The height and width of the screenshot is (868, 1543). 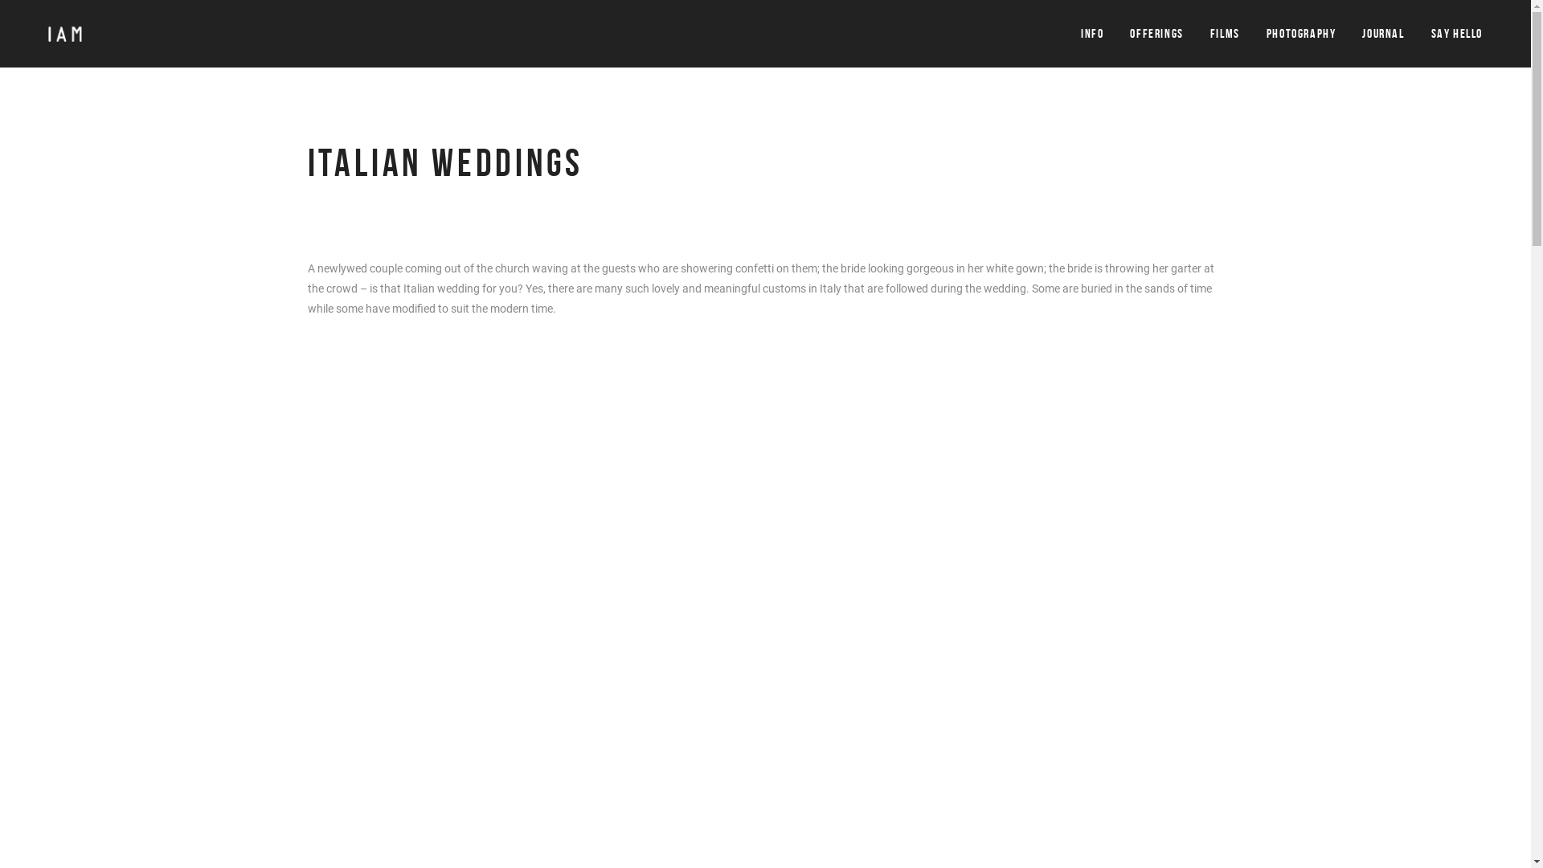 I want to click on 'PHOTOGRAPHY', so click(x=1265, y=34).